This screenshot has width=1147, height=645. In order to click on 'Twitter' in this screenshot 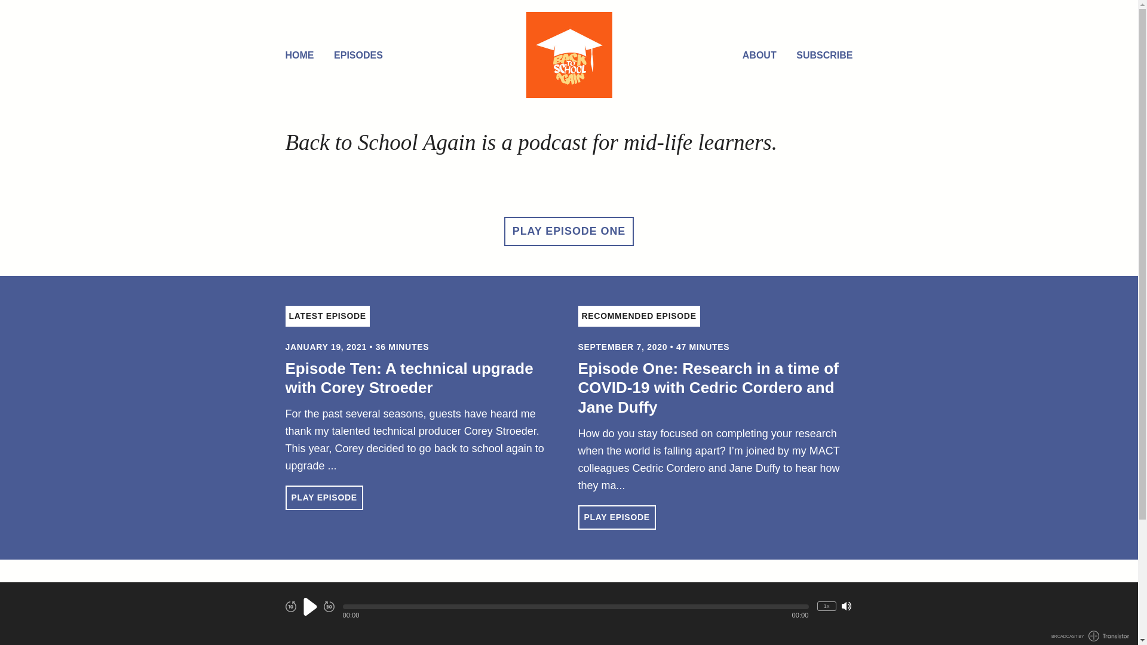, I will do `click(547, 613)`.